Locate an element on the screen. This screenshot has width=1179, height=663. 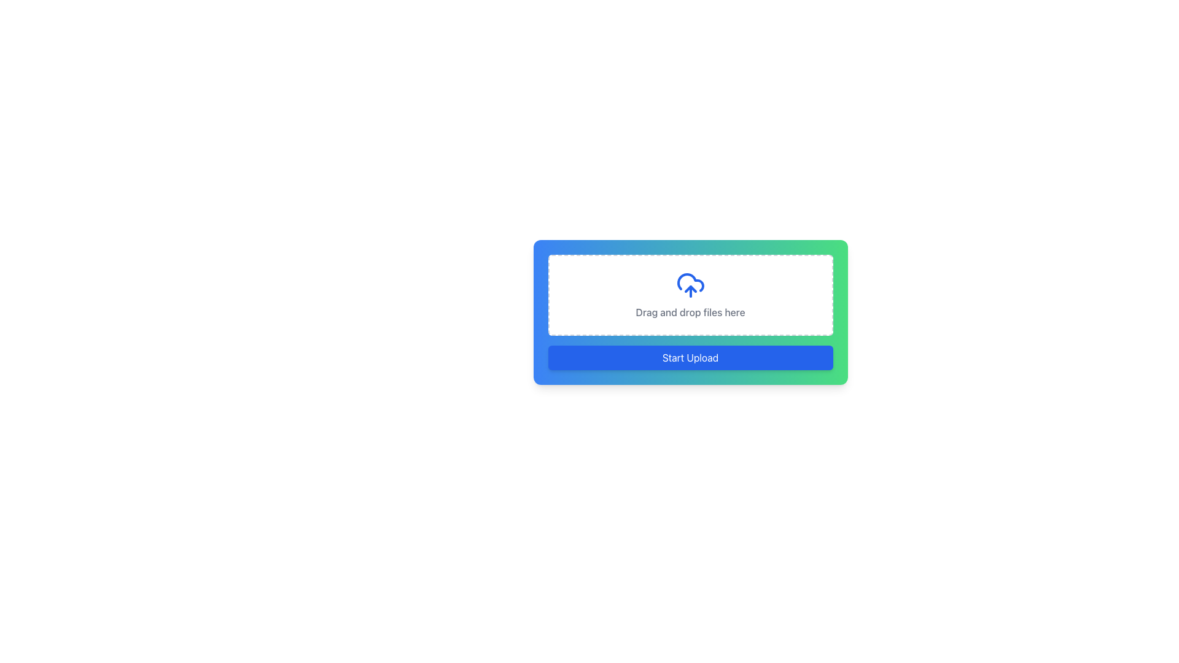
the instructions displayed in the File Drop Area, which includes the text 'Drag and drop files here' and a blue cloud upload icon is located at coordinates (690, 295).